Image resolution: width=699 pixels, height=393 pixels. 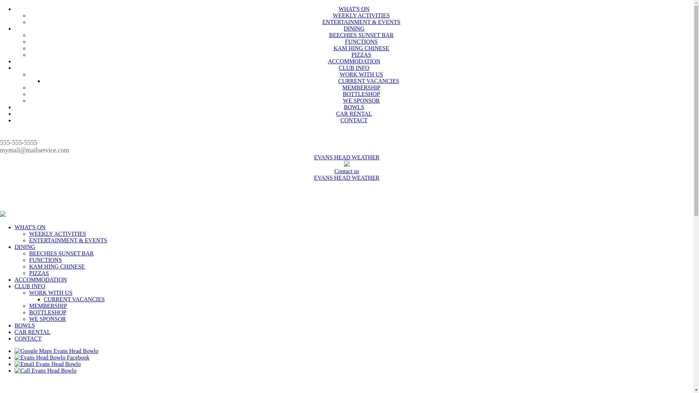 I want to click on 'FUNCTIONS', so click(x=362, y=41).